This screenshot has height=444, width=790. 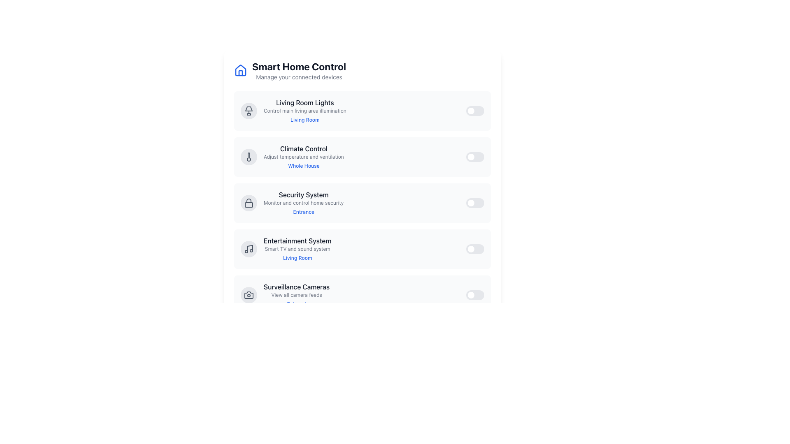 I want to click on the 'Living Room Lights' icon button, which controls the lighting in the living room, located at the top-left corner of the 'Living Room Lights' section, so click(x=248, y=111).